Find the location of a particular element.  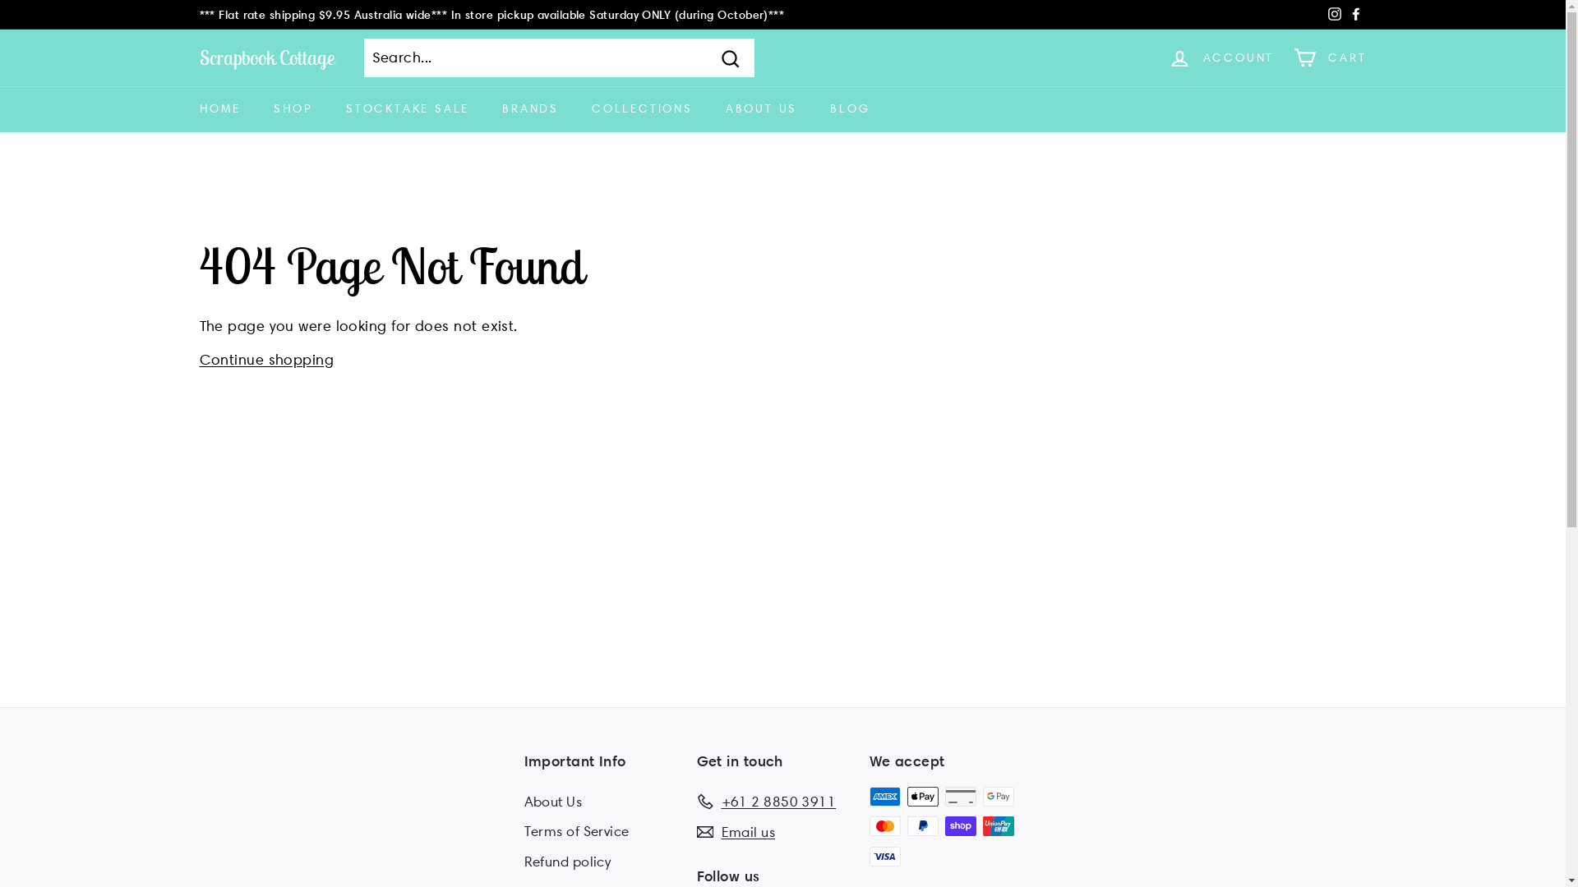

'Refund policy' is located at coordinates (568, 861).